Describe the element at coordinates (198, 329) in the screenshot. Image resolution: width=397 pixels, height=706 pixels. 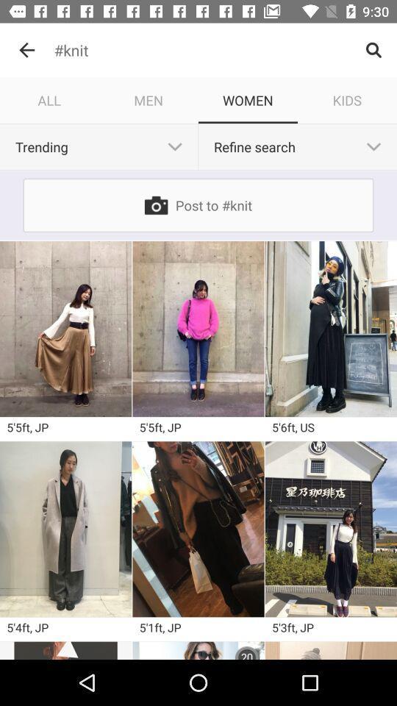
I see `choose this outfit` at that location.